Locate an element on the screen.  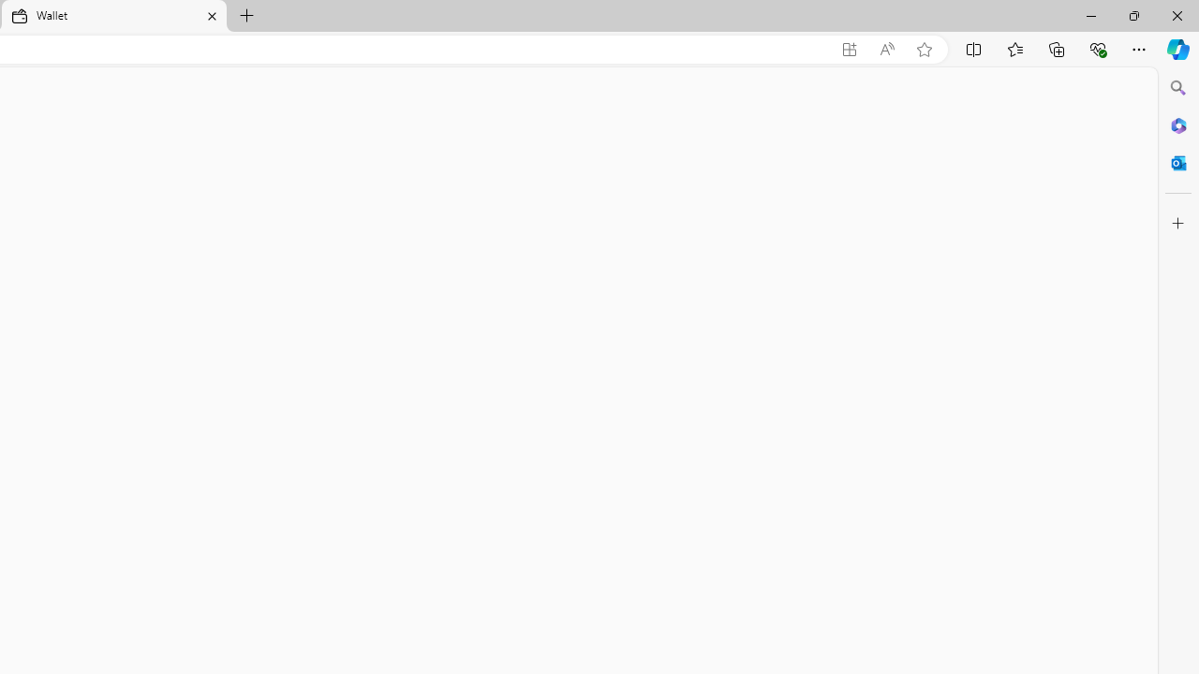
'Customize' is located at coordinates (1177, 223).